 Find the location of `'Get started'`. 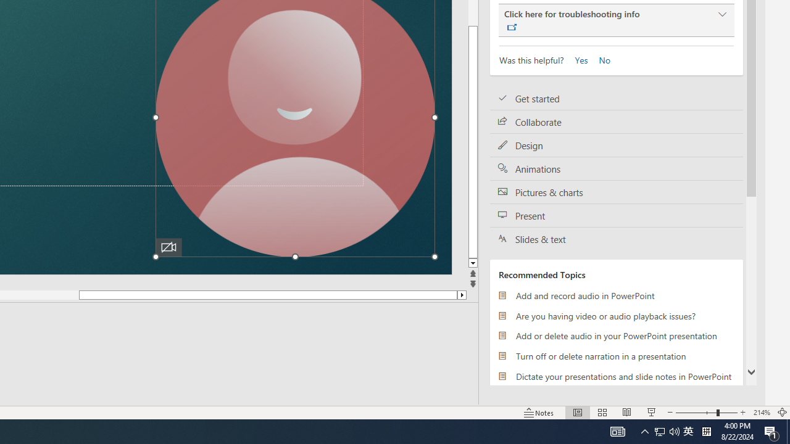

'Get started' is located at coordinates (617, 98).